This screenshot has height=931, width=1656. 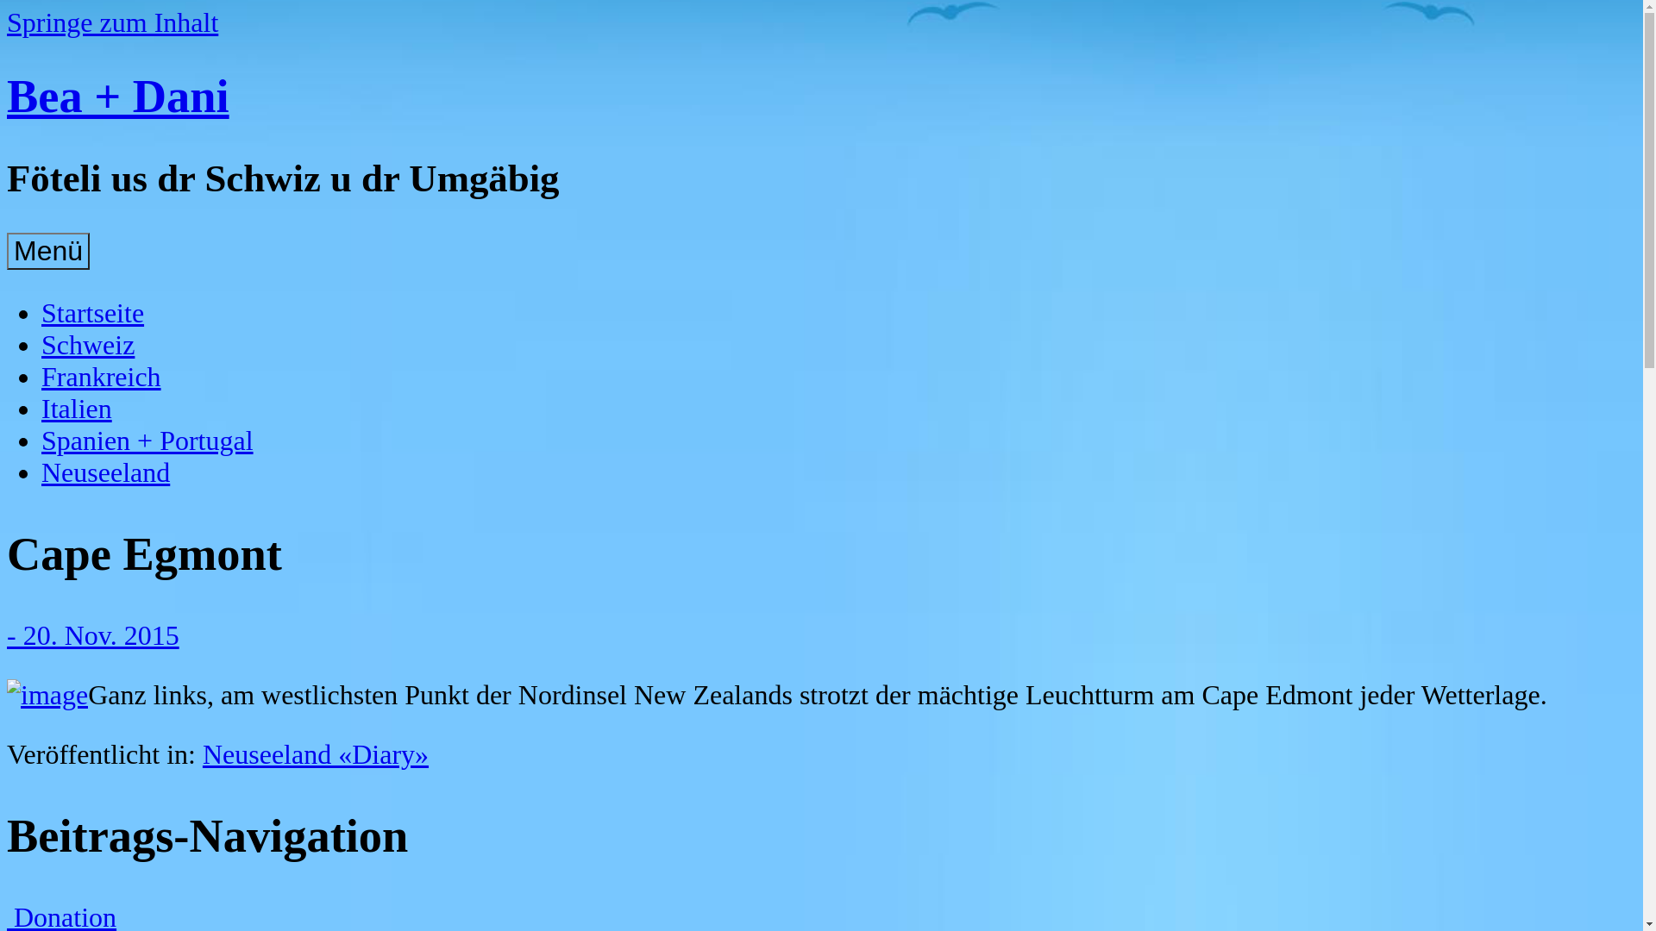 I want to click on 'Italien', so click(x=76, y=409).